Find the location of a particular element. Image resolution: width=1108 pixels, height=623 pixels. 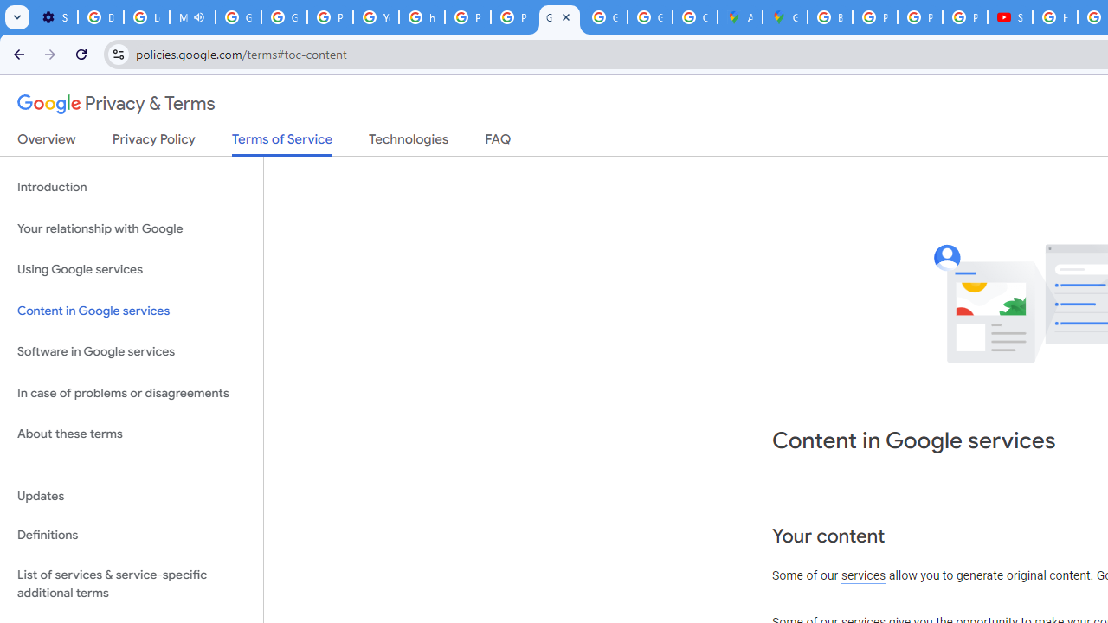

'Definitions' is located at coordinates (131, 535).